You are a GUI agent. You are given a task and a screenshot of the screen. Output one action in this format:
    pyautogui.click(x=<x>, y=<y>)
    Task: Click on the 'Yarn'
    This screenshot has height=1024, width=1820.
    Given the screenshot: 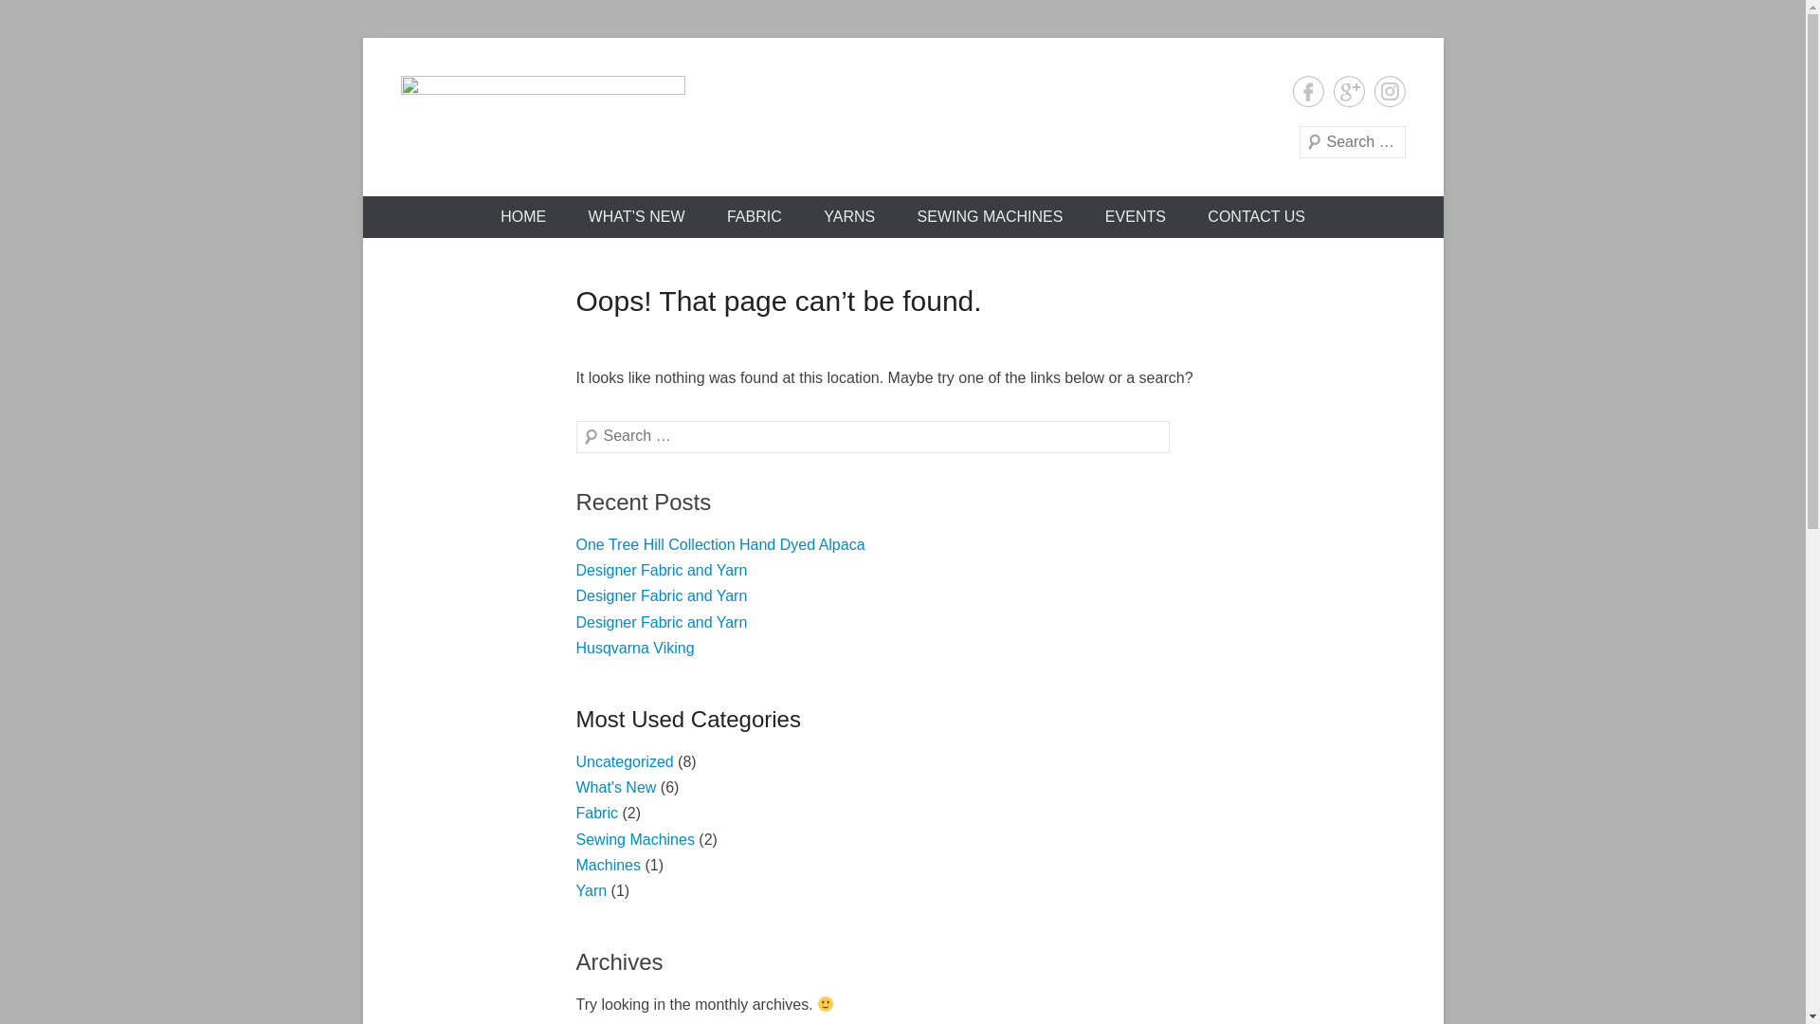 What is the action you would take?
    pyautogui.click(x=591, y=890)
    